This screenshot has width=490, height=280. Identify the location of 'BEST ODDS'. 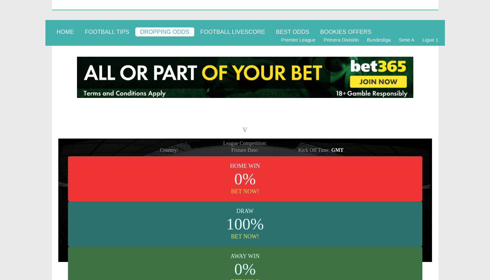
(292, 31).